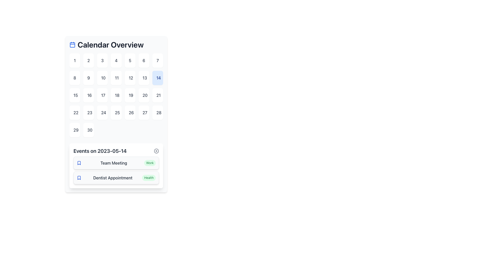 The image size is (490, 276). Describe the element at coordinates (130, 78) in the screenshot. I see `the square button with a white background and rounded corners displaying the number '12' in bold gray font` at that location.